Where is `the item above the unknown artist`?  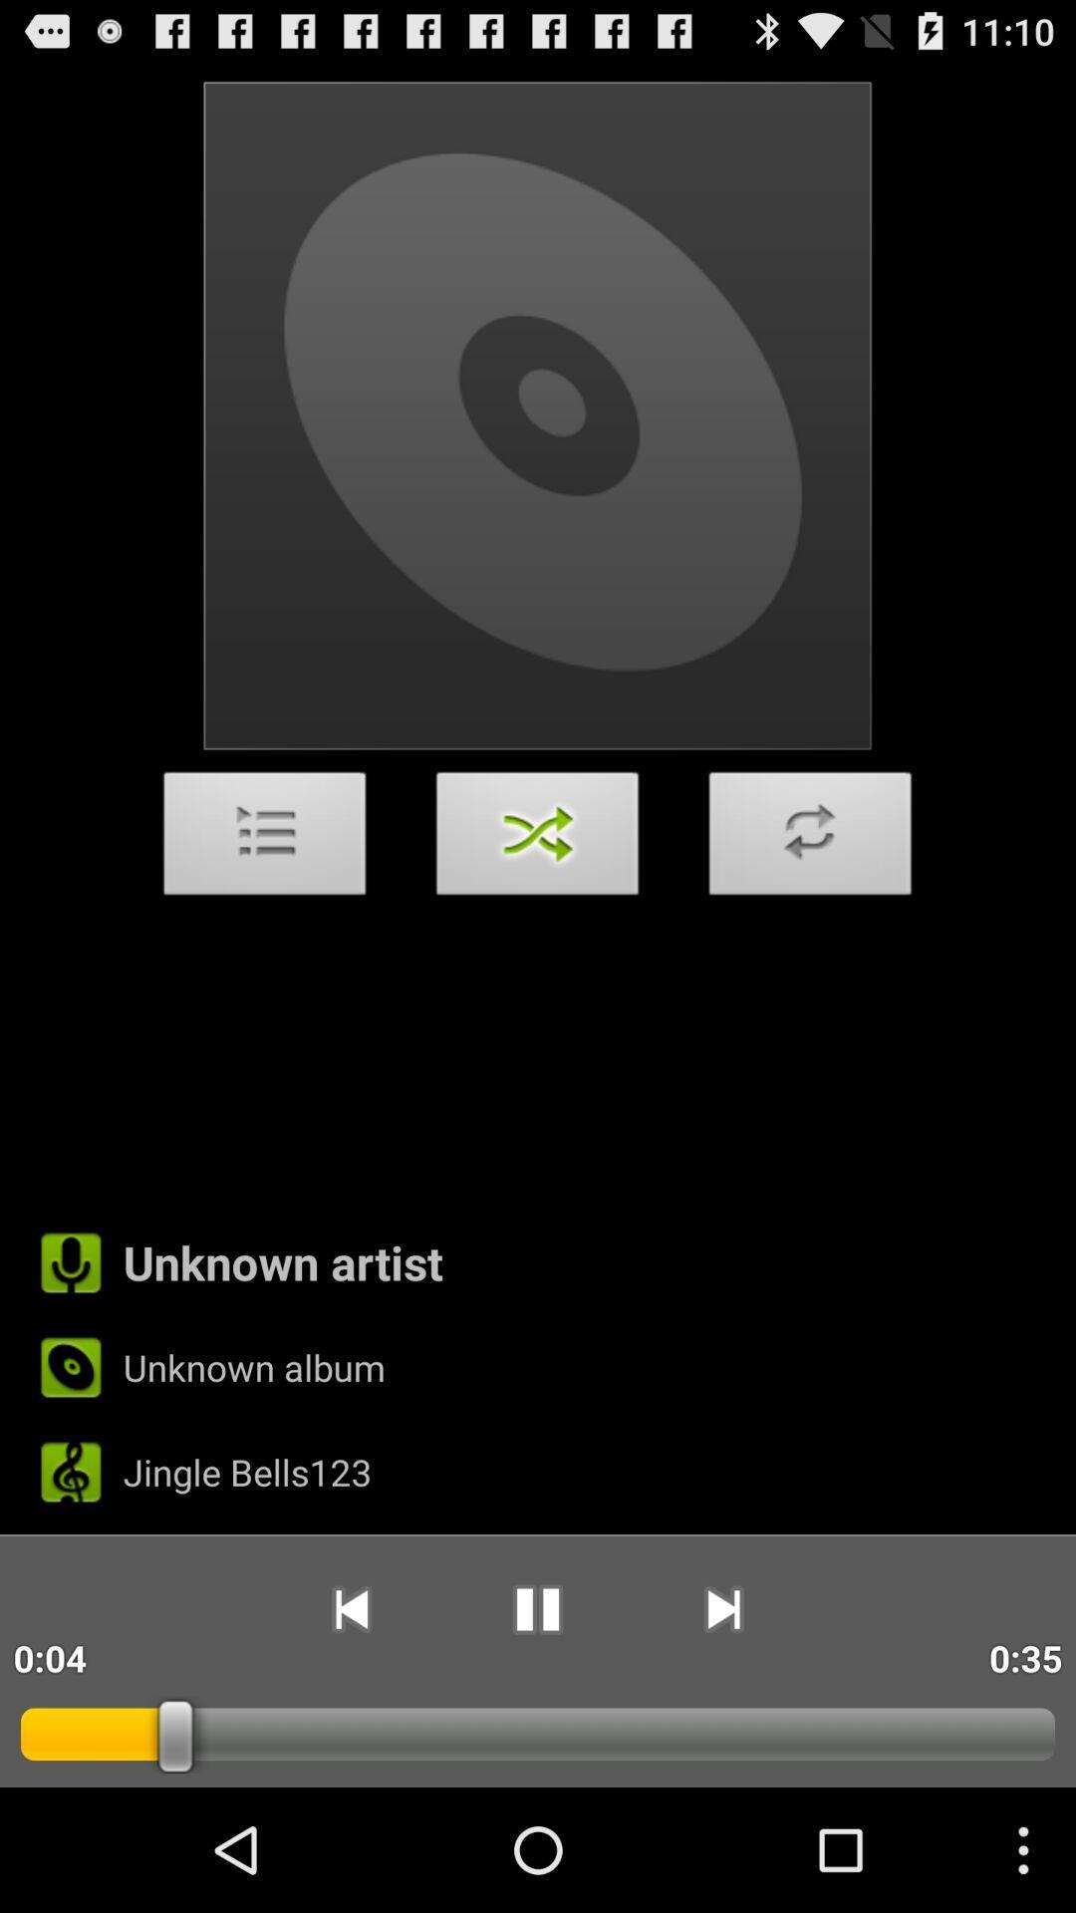
the item above the unknown artist is located at coordinates (810, 839).